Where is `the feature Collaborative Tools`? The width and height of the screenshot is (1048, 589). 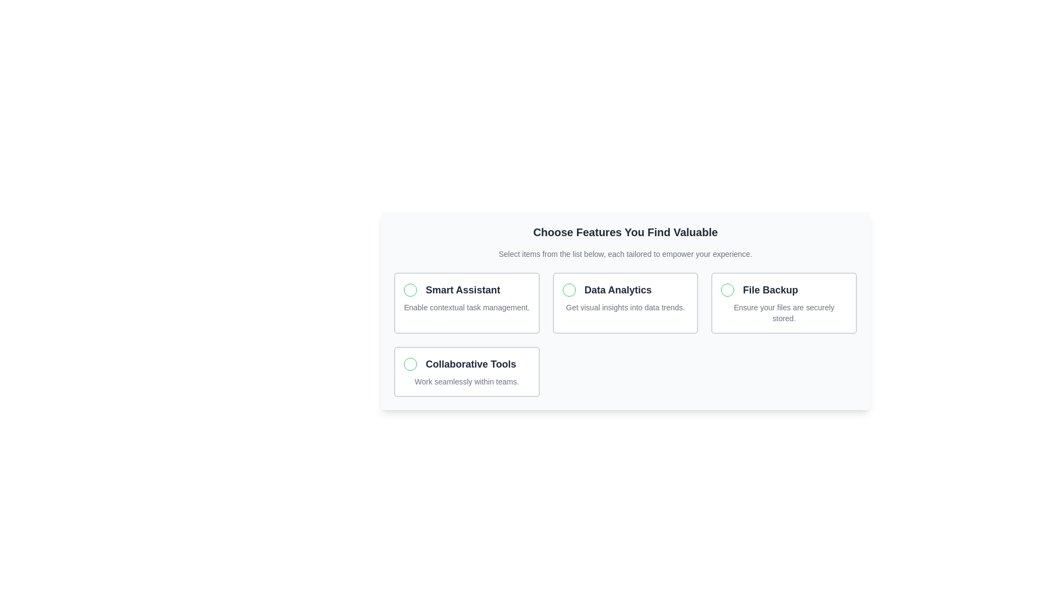 the feature Collaborative Tools is located at coordinates (466, 371).